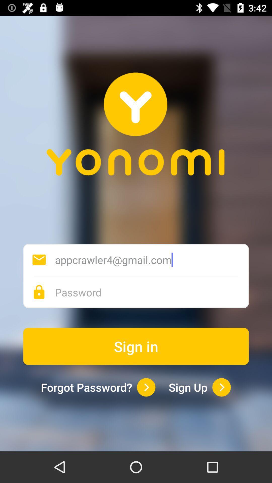 Image resolution: width=272 pixels, height=483 pixels. What do you see at coordinates (221, 387) in the screenshot?
I see `sign up page` at bounding box center [221, 387].